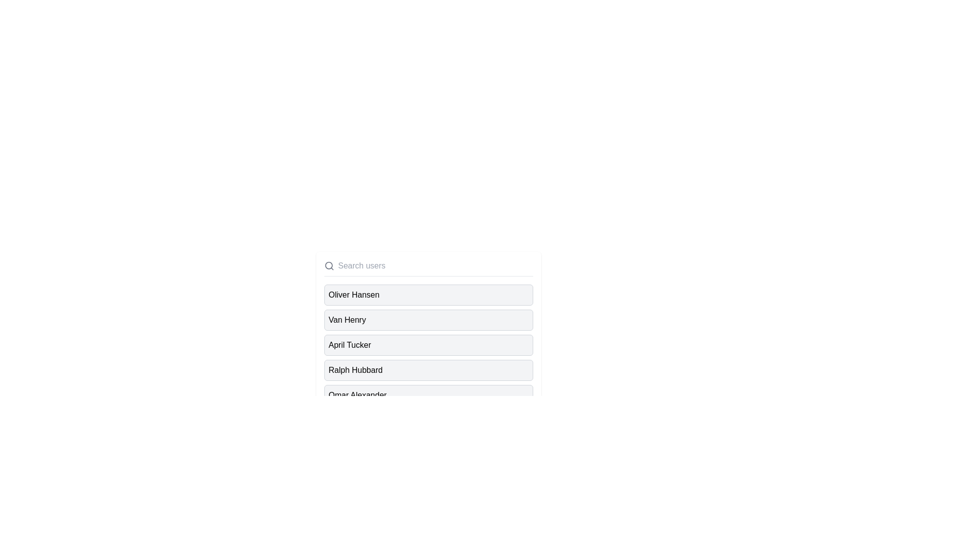  What do you see at coordinates (354, 294) in the screenshot?
I see `the text label displaying 'Oliver Hansen'` at bounding box center [354, 294].